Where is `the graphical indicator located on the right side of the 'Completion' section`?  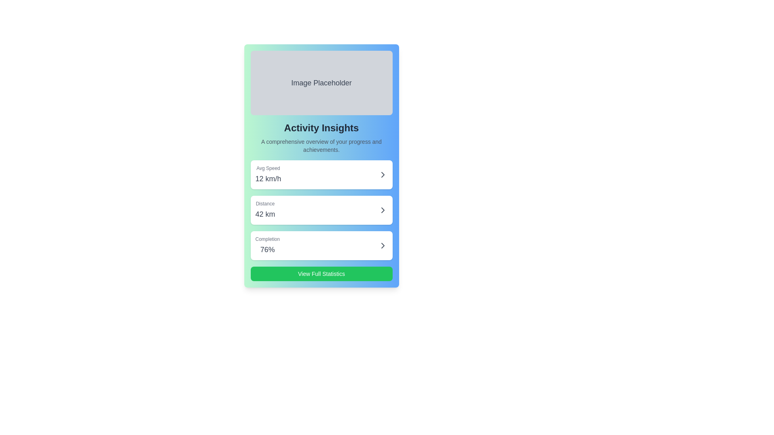
the graphical indicator located on the right side of the 'Completion' section is located at coordinates (382, 245).